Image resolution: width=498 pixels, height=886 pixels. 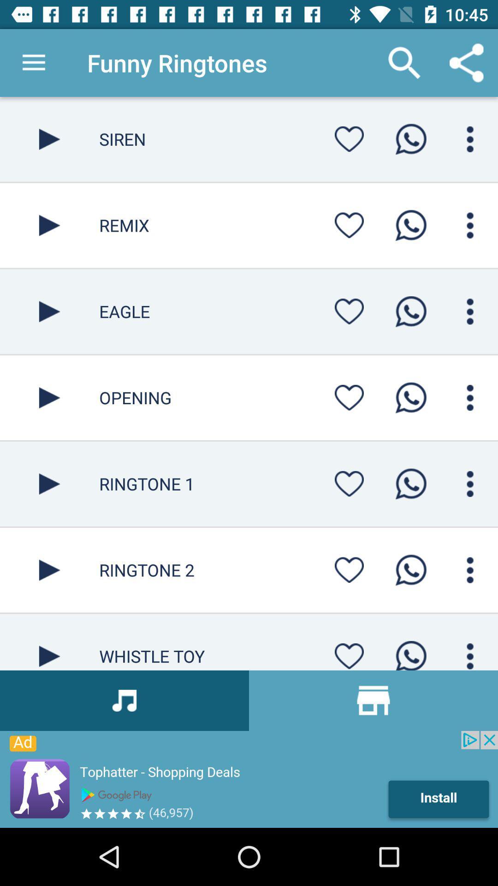 What do you see at coordinates (49, 641) in the screenshot?
I see `stop button` at bounding box center [49, 641].